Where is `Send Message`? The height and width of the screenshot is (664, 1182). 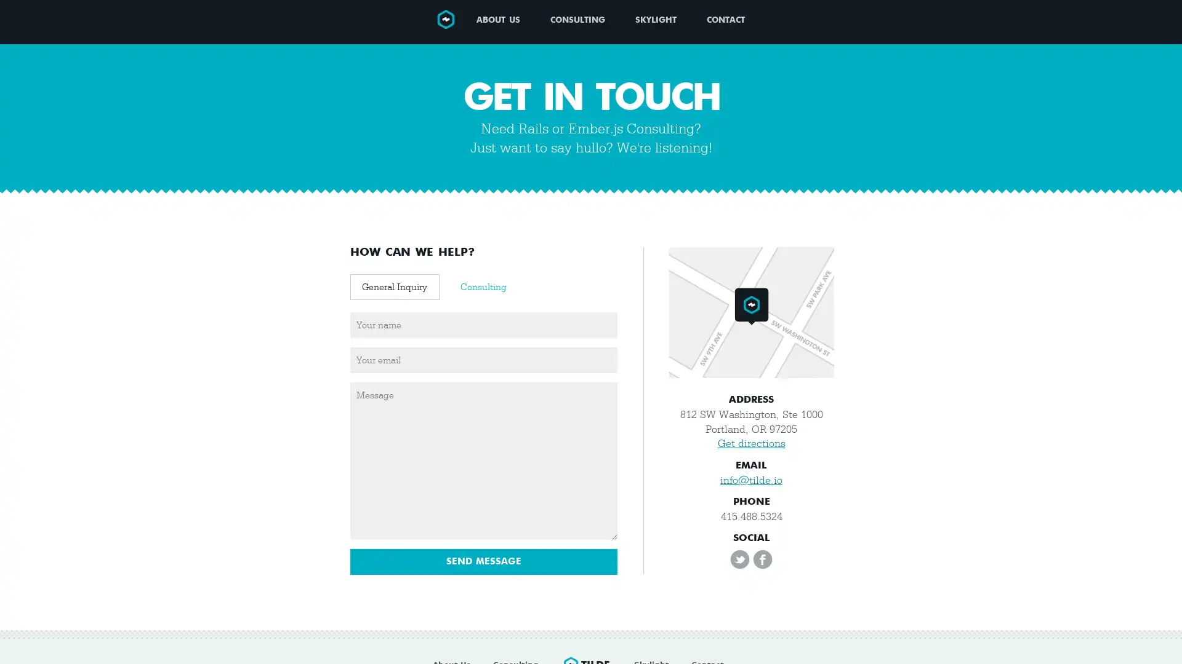
Send Message is located at coordinates (483, 562).